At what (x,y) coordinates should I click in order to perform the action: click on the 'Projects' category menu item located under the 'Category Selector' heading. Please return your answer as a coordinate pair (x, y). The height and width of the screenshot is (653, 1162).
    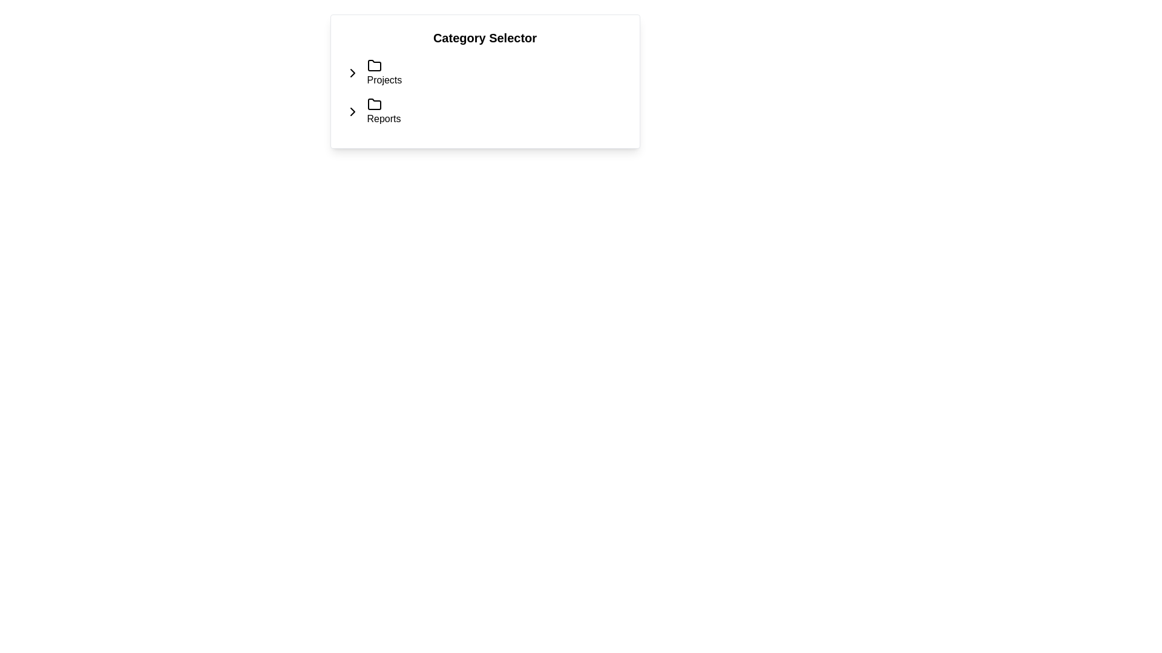
    Looking at the image, I should click on (384, 73).